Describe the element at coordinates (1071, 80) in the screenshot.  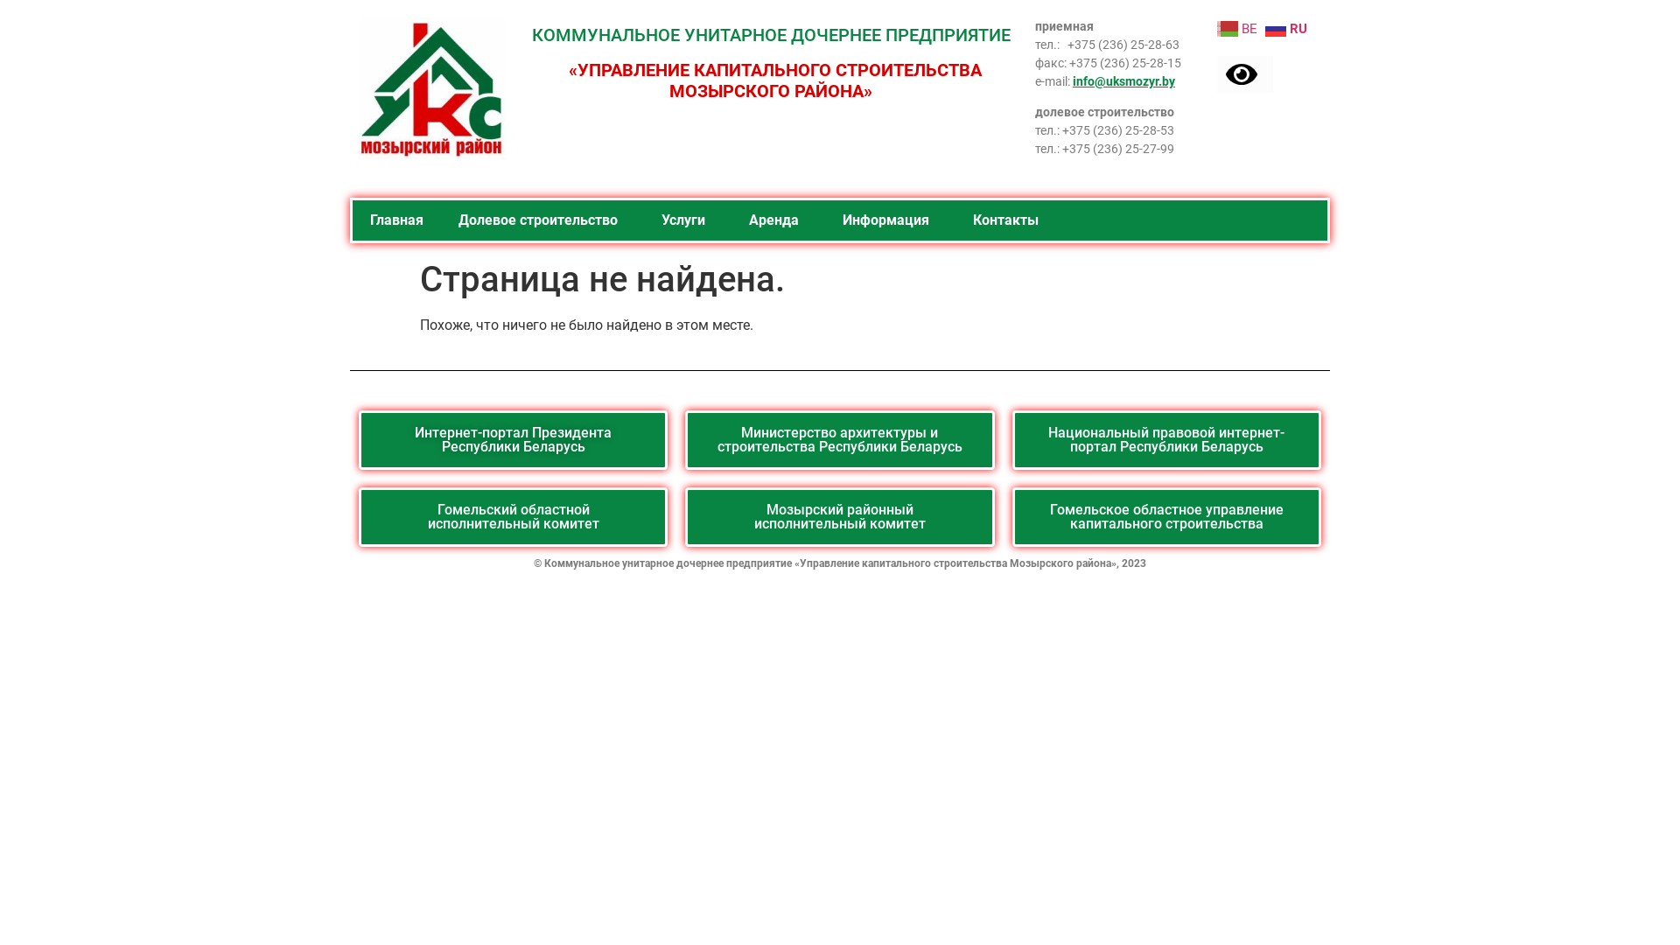
I see `'info@uksmozyr.by'` at that location.